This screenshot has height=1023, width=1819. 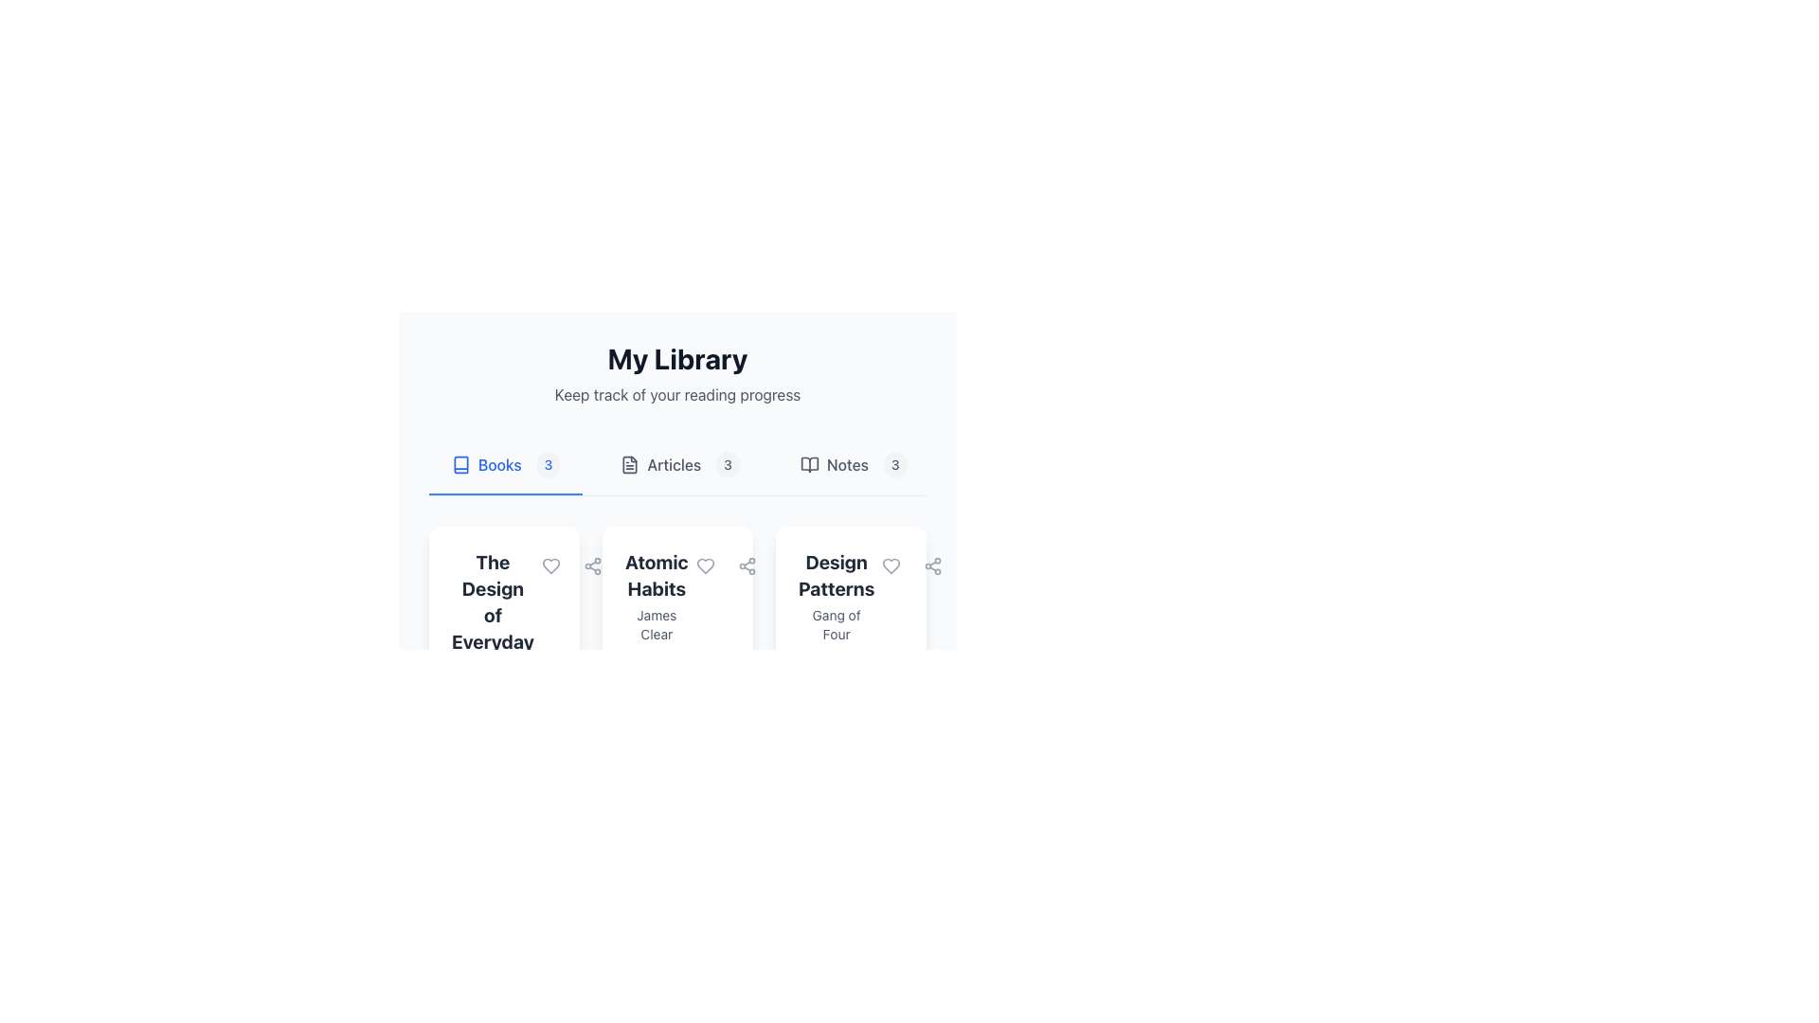 I want to click on the text label displaying 'Gang of Four', which is positioned below the title 'Design Patterns', so click(x=836, y=624).